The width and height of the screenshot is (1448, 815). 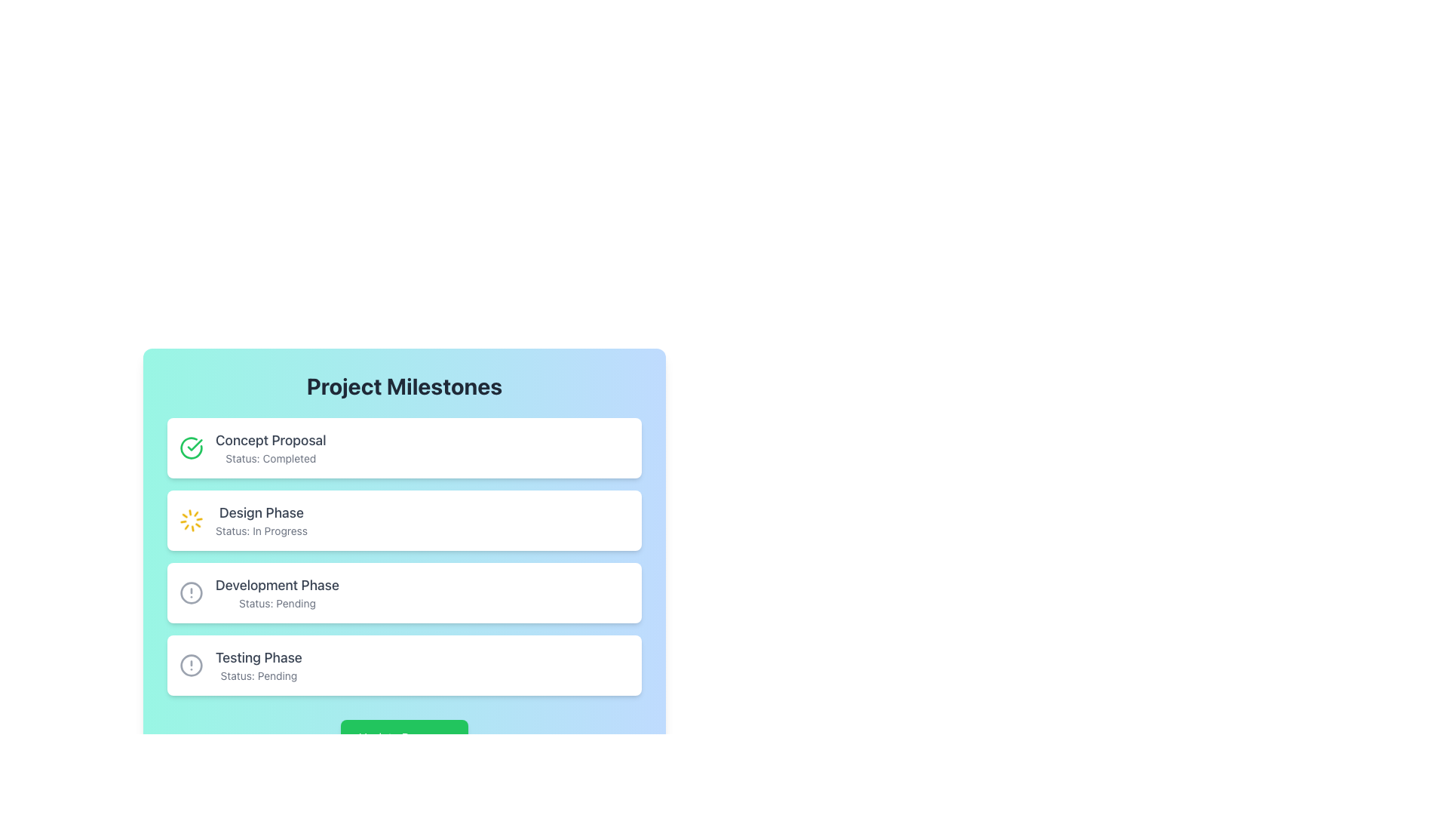 I want to click on the 'Design Phase' informational card, which indicates the status as 'In Progress', so click(x=404, y=520).